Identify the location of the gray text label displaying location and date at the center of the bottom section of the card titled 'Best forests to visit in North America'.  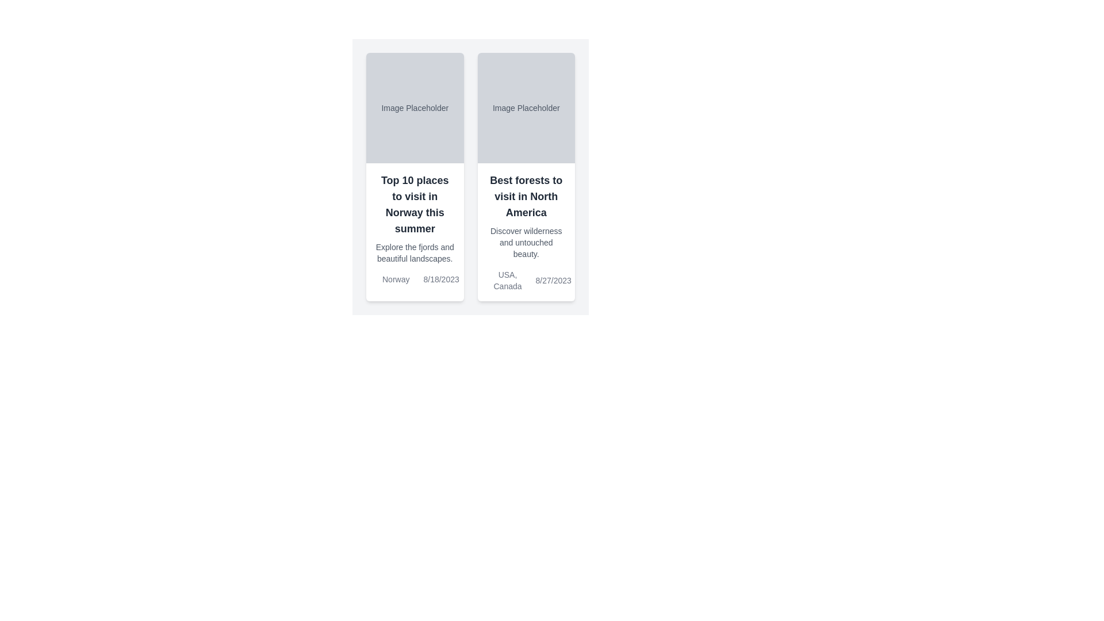
(526, 281).